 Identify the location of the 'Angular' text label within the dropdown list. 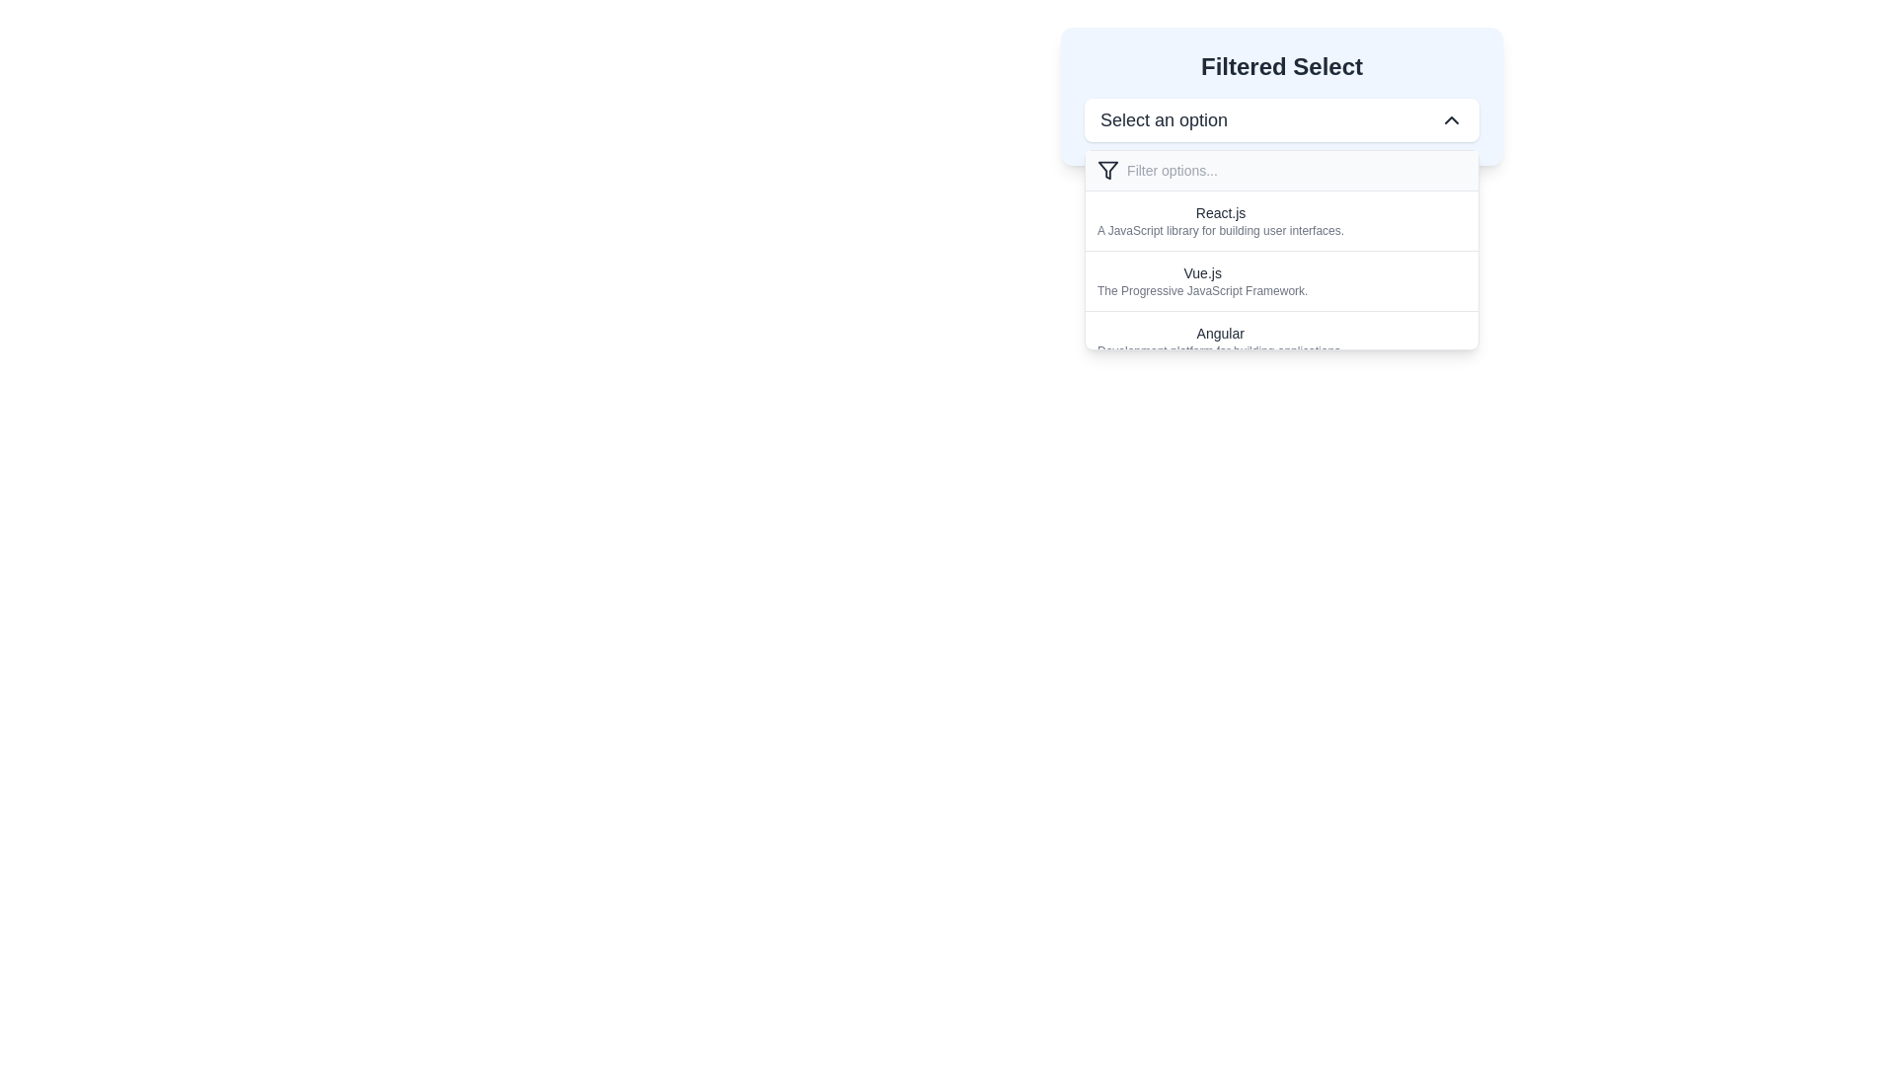
(1219, 333).